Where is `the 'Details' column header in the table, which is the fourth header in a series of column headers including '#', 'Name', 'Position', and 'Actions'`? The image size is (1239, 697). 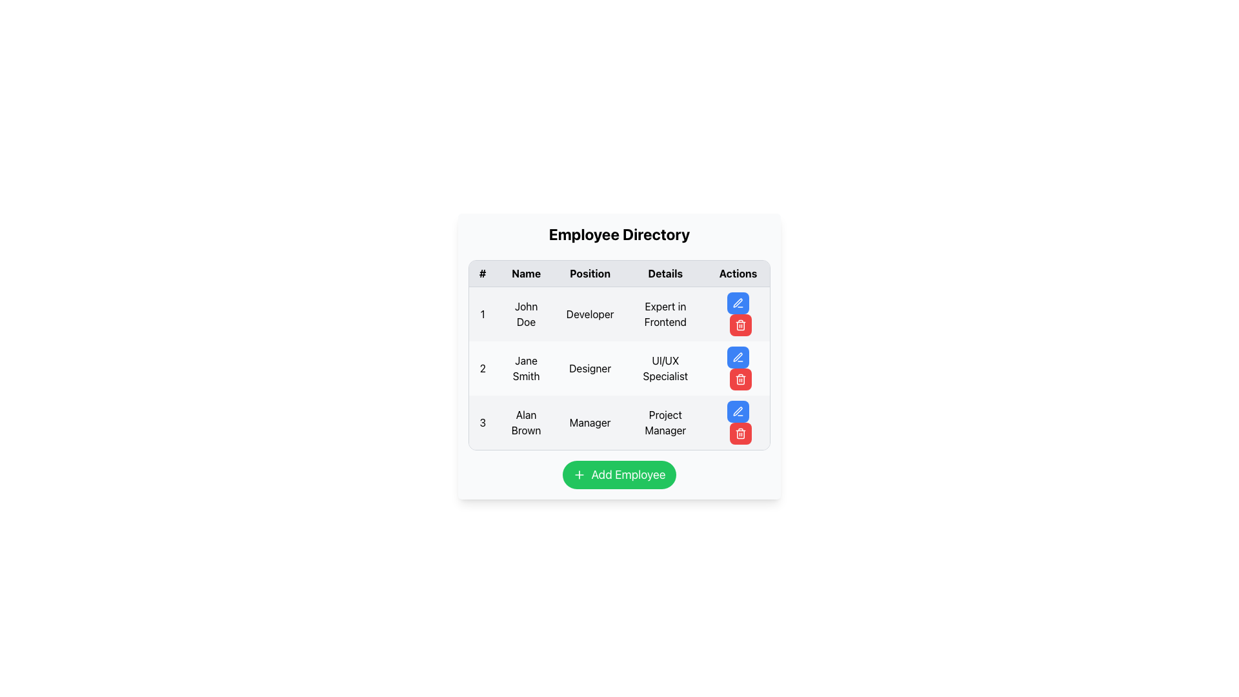
the 'Details' column header in the table, which is the fourth header in a series of column headers including '#', 'Name', 'Position', and 'Actions' is located at coordinates (665, 273).